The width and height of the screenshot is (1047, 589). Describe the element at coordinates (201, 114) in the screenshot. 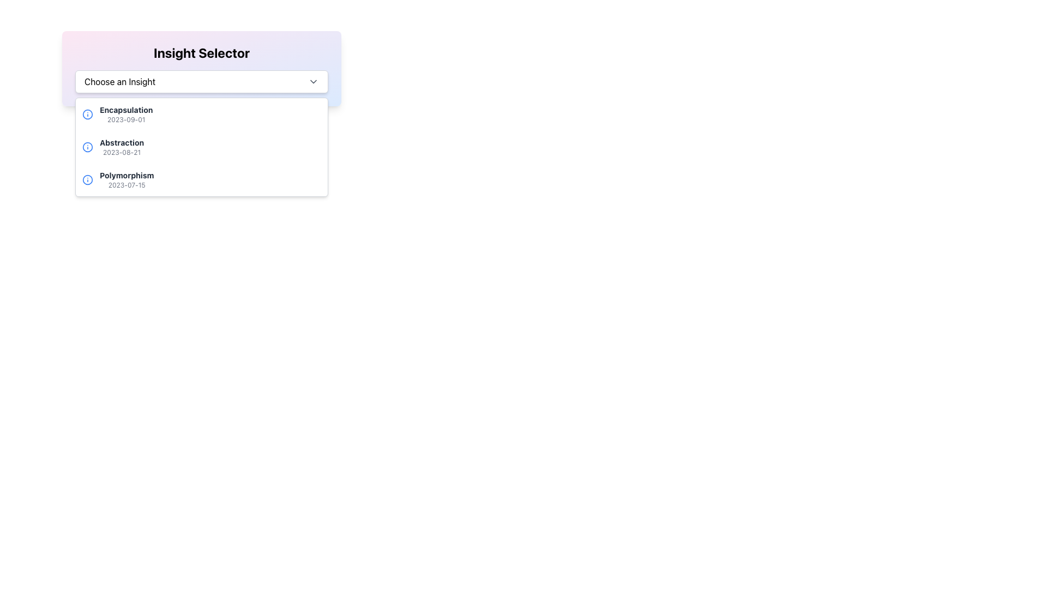

I see `the first selectable list item titled 'Encapsulation' dated '2023-09-01' in the dropdown menu` at that location.